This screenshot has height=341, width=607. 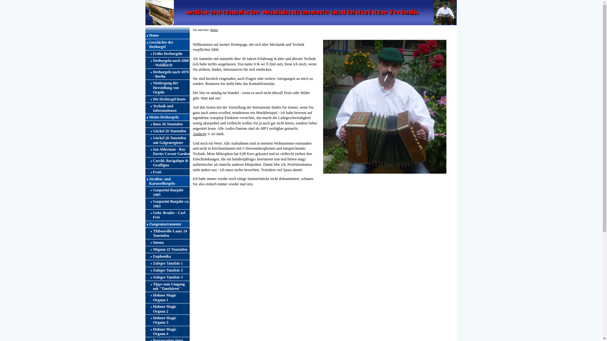 What do you see at coordinates (167, 331) in the screenshot?
I see `'Hohner Magic Organa 4'` at bounding box center [167, 331].